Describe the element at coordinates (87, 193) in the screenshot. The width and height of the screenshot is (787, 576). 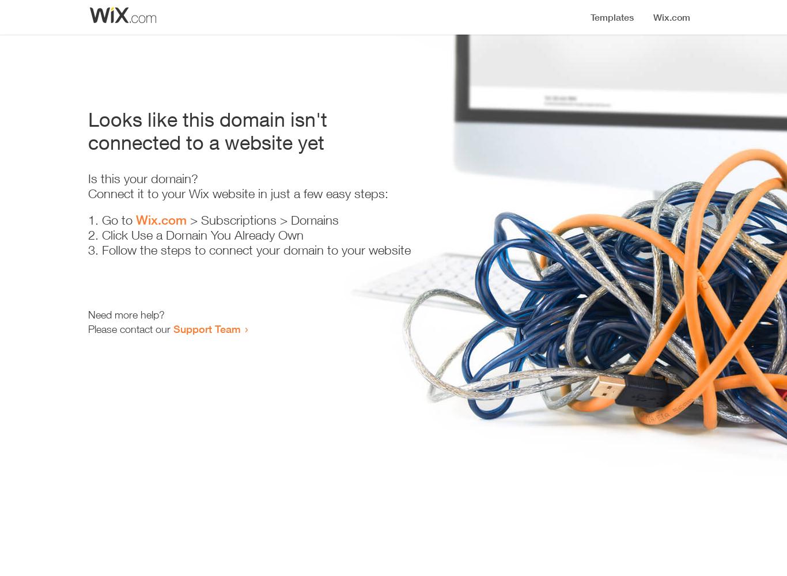
I see `'Connect it to your Wix website in just a few easy steps:'` at that location.